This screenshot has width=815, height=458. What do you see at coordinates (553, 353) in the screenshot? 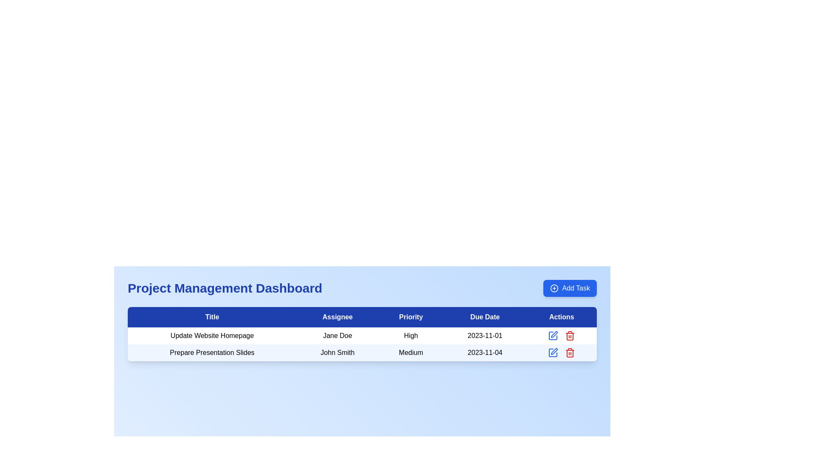
I see `the blue square pen icon in the 'Actions' column of the second row of the table` at bounding box center [553, 353].